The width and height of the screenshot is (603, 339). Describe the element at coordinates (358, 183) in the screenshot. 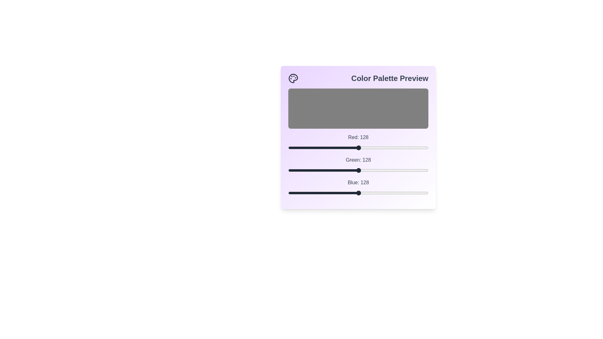

I see `the text label displaying 'Blue: 128' which is part of the 'Color Palette Preview' section, indicating the blue color adjustment feature` at that location.